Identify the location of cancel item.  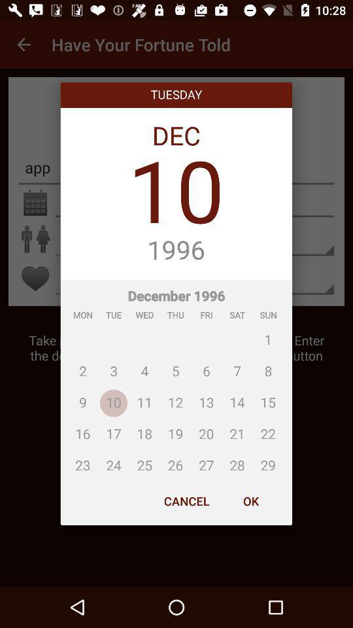
(186, 500).